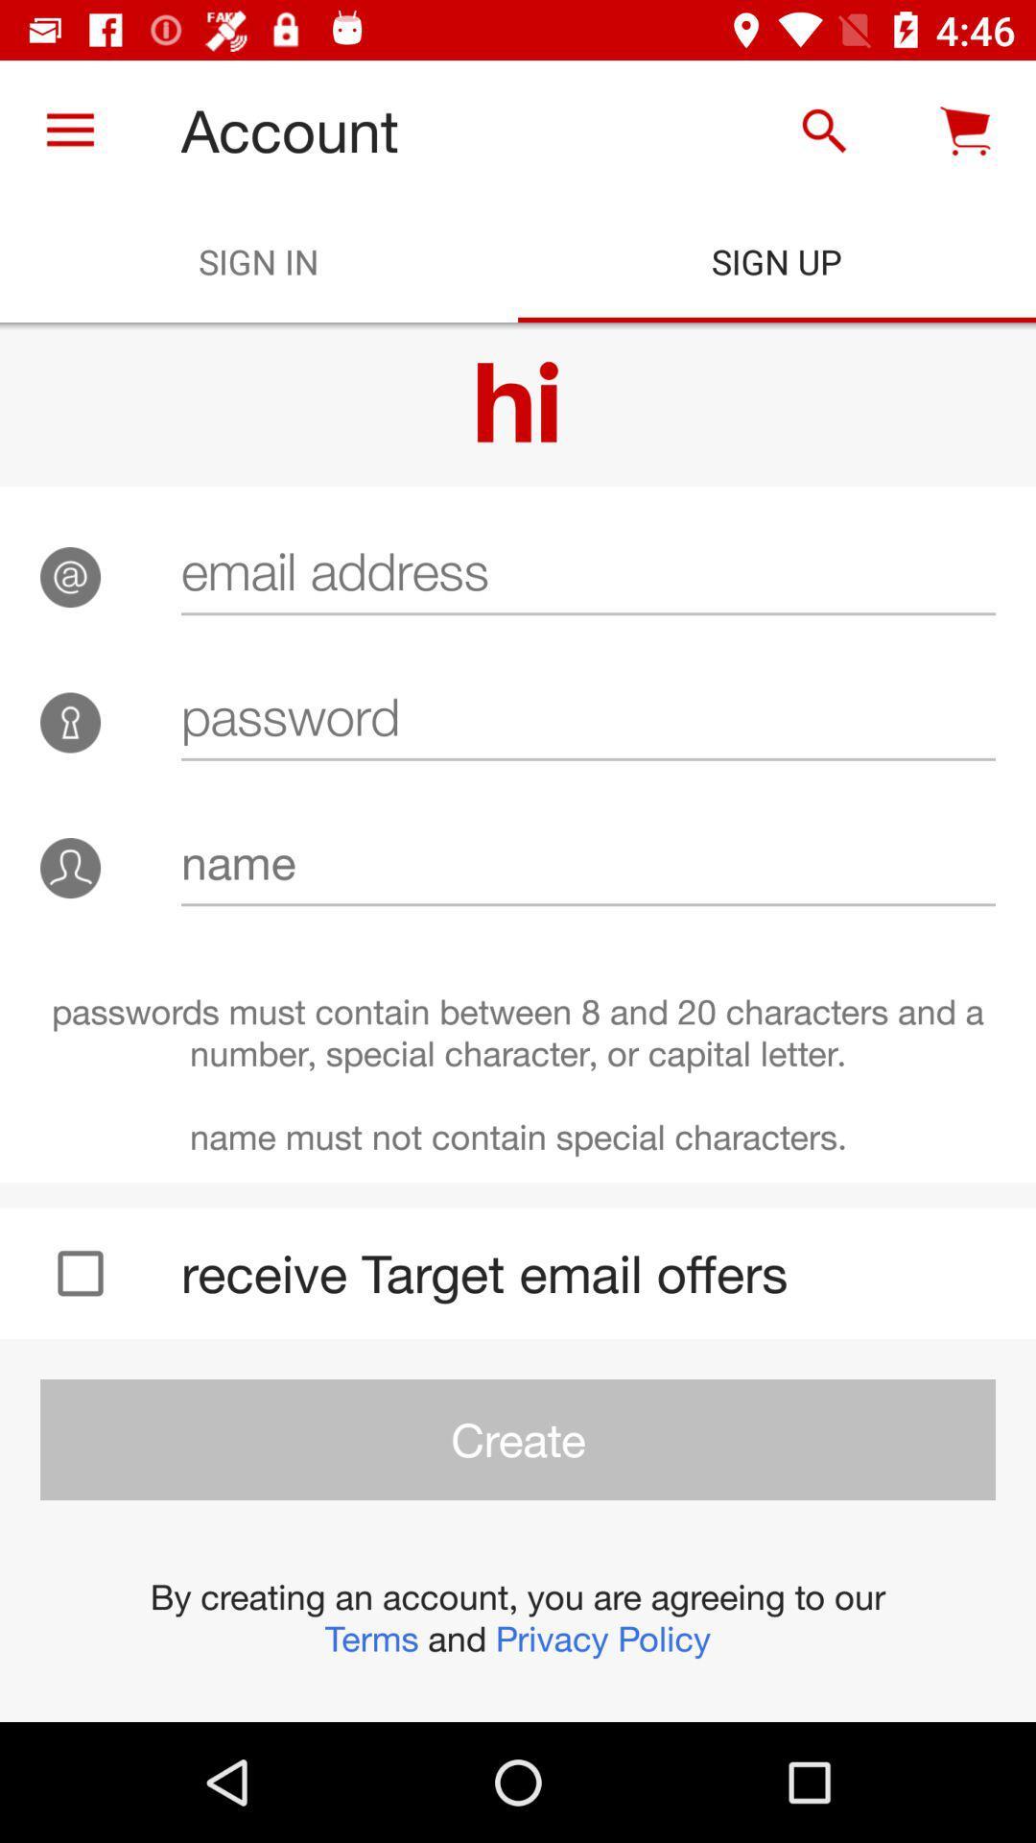 The image size is (1036, 1843). What do you see at coordinates (69, 130) in the screenshot?
I see `icon to the left of account` at bounding box center [69, 130].